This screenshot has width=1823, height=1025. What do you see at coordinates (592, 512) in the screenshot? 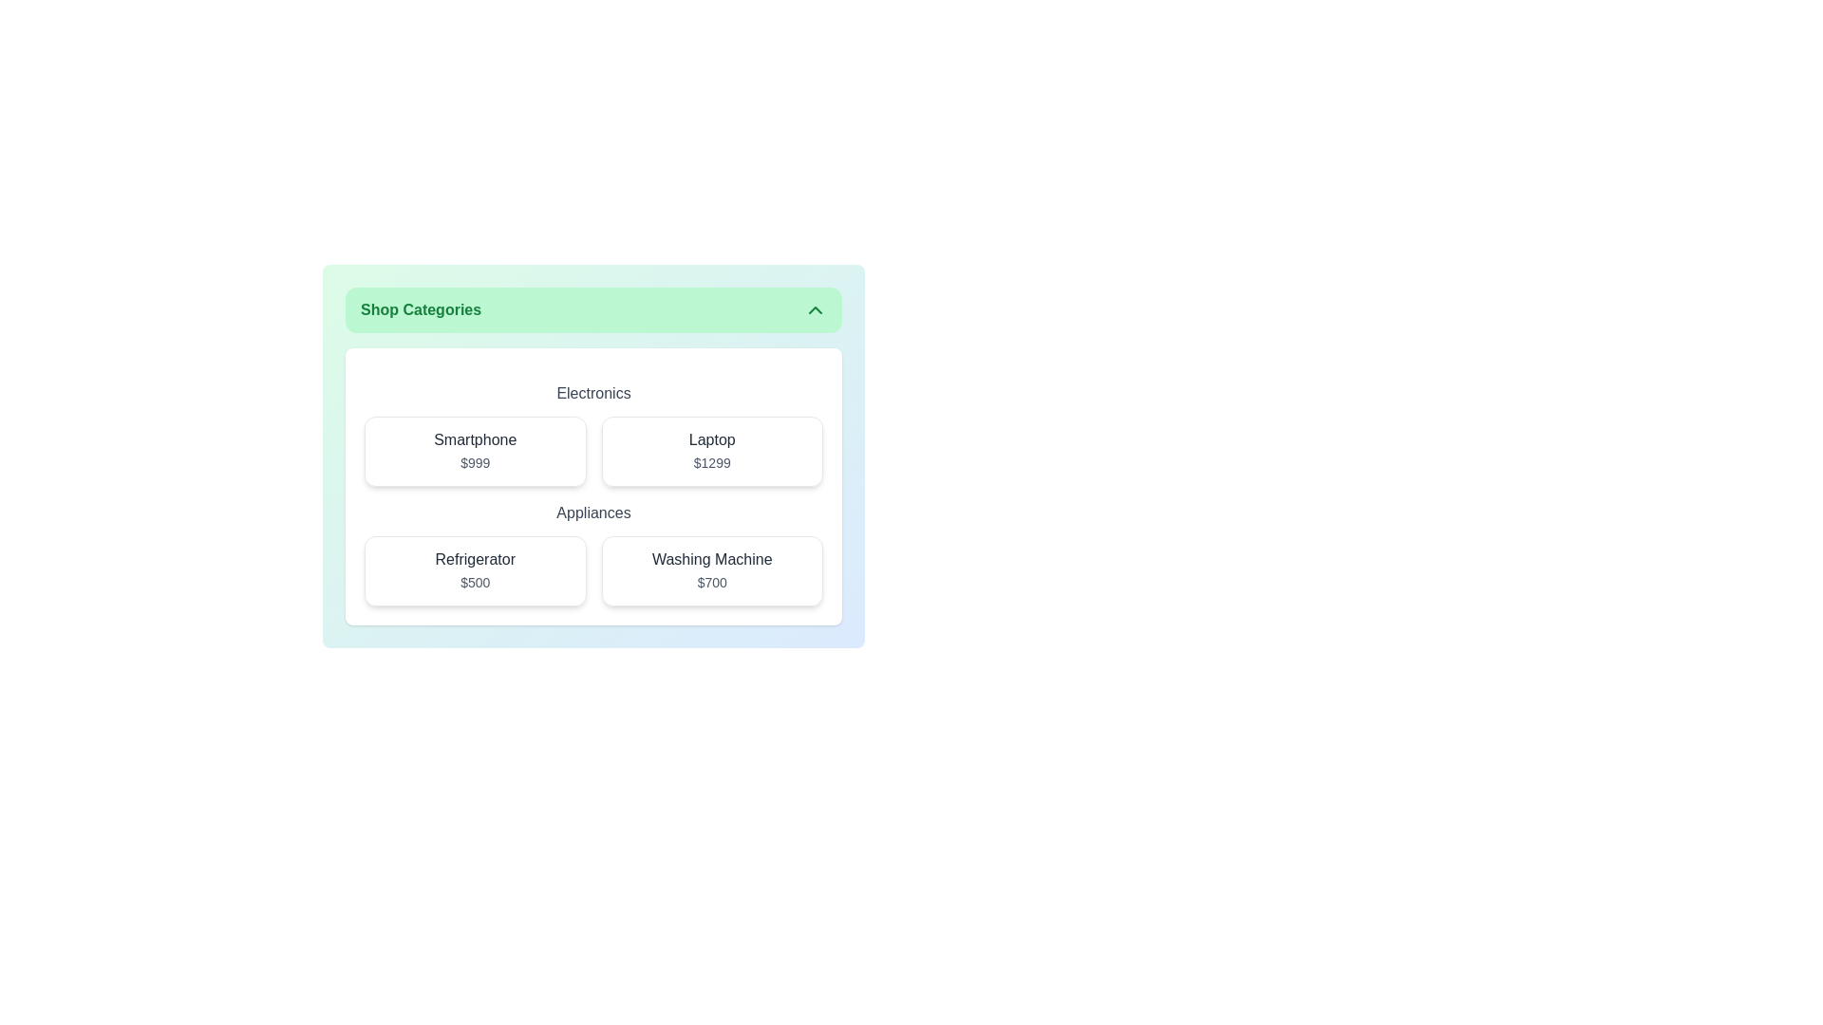
I see `the text label that categorizes the products, located below the 'Electronics' label and above the grid items 'Refrigerator $500' and 'Washing Machine $700'` at bounding box center [592, 512].